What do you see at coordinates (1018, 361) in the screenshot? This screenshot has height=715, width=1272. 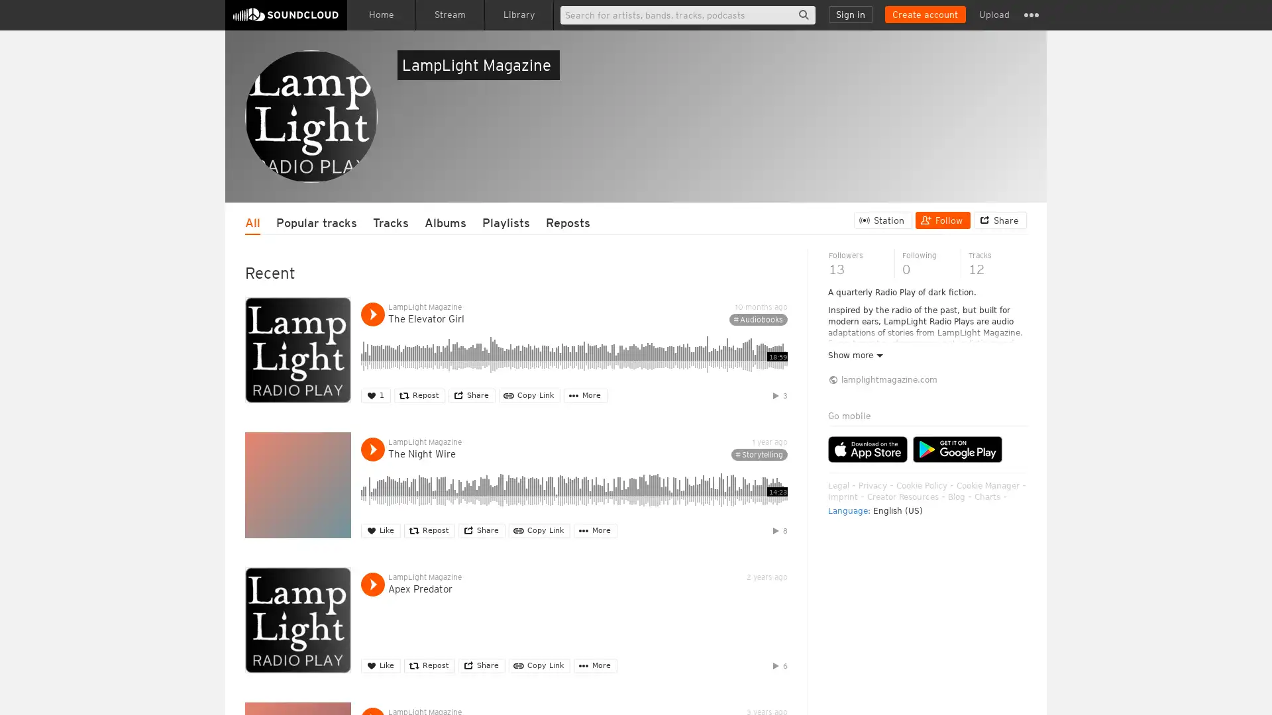 I see `Hide queue` at bounding box center [1018, 361].